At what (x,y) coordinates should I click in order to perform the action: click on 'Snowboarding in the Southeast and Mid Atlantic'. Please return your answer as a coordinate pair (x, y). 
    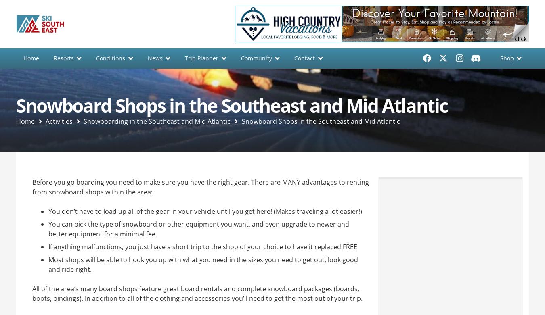
    Looking at the image, I should click on (157, 121).